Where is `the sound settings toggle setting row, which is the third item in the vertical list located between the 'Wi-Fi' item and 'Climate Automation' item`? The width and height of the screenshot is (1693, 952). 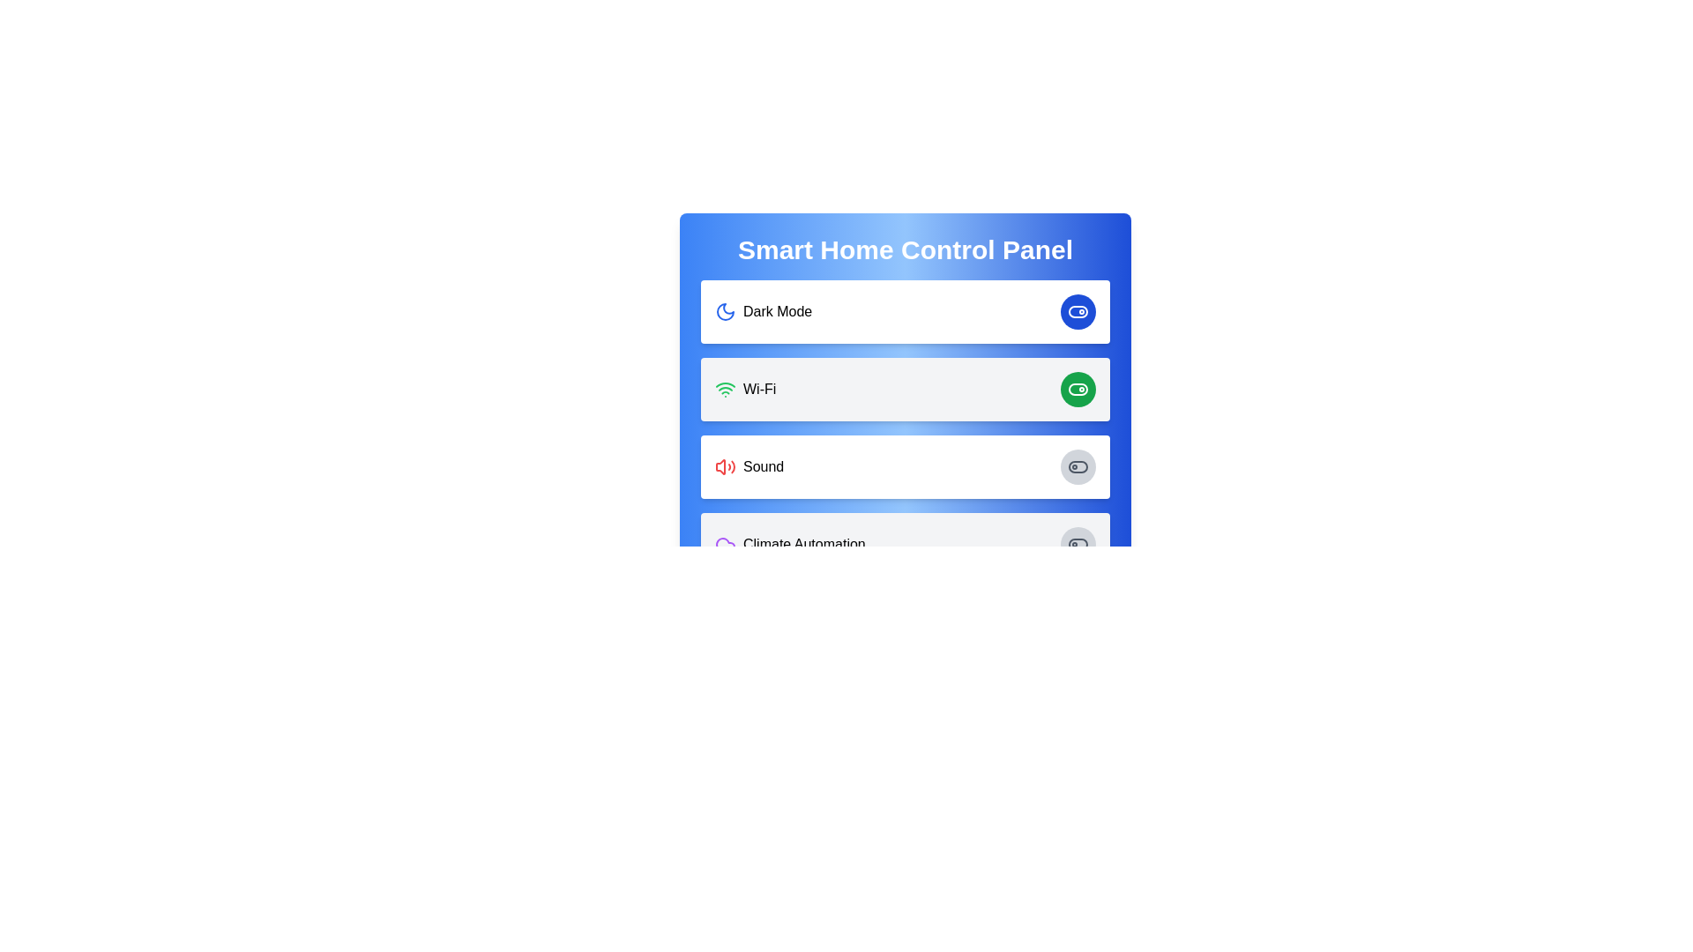 the sound settings toggle setting row, which is the third item in the vertical list located between the 'Wi-Fi' item and 'Climate Automation' item is located at coordinates (906, 465).